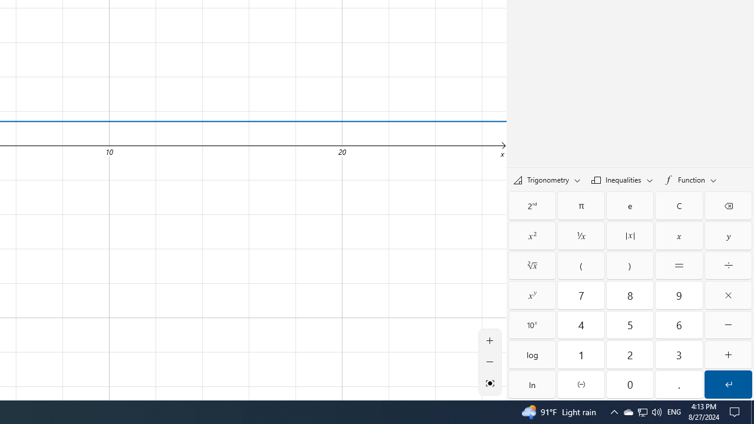 The width and height of the screenshot is (754, 424). Describe the element at coordinates (727, 294) in the screenshot. I see `'Multiply by'` at that location.